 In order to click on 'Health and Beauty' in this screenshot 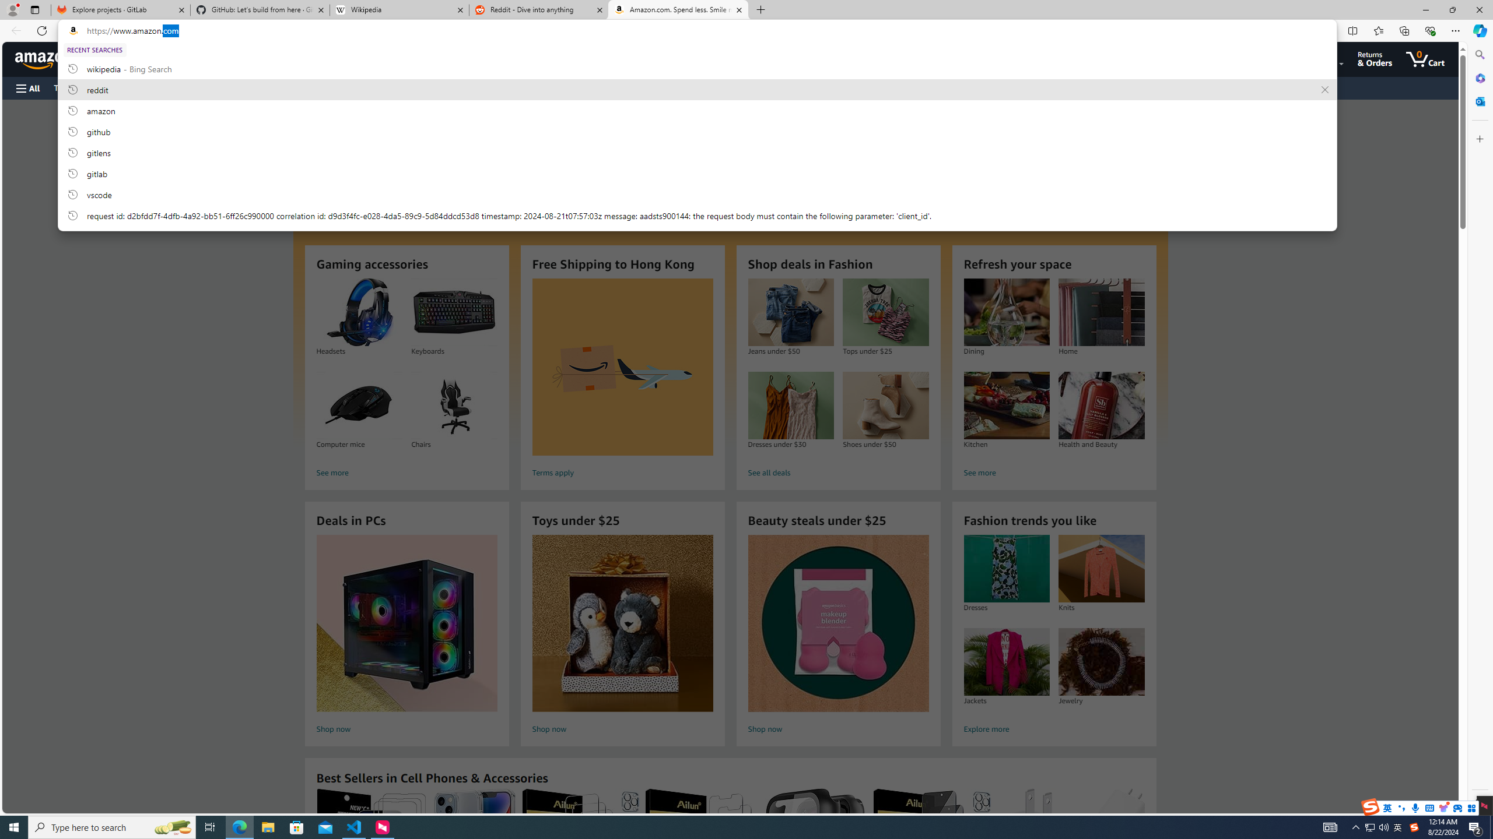, I will do `click(1101, 406)`.